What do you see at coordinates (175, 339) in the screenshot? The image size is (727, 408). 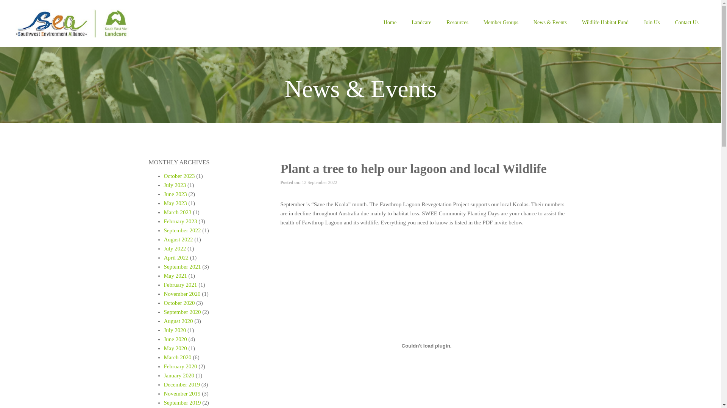 I see `'June 2020'` at bounding box center [175, 339].